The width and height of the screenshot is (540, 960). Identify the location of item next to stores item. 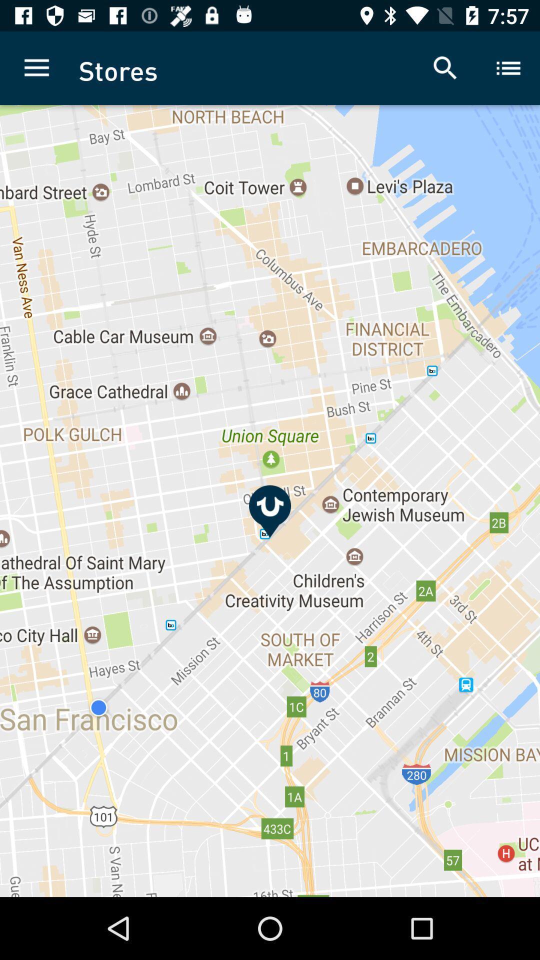
(445, 67).